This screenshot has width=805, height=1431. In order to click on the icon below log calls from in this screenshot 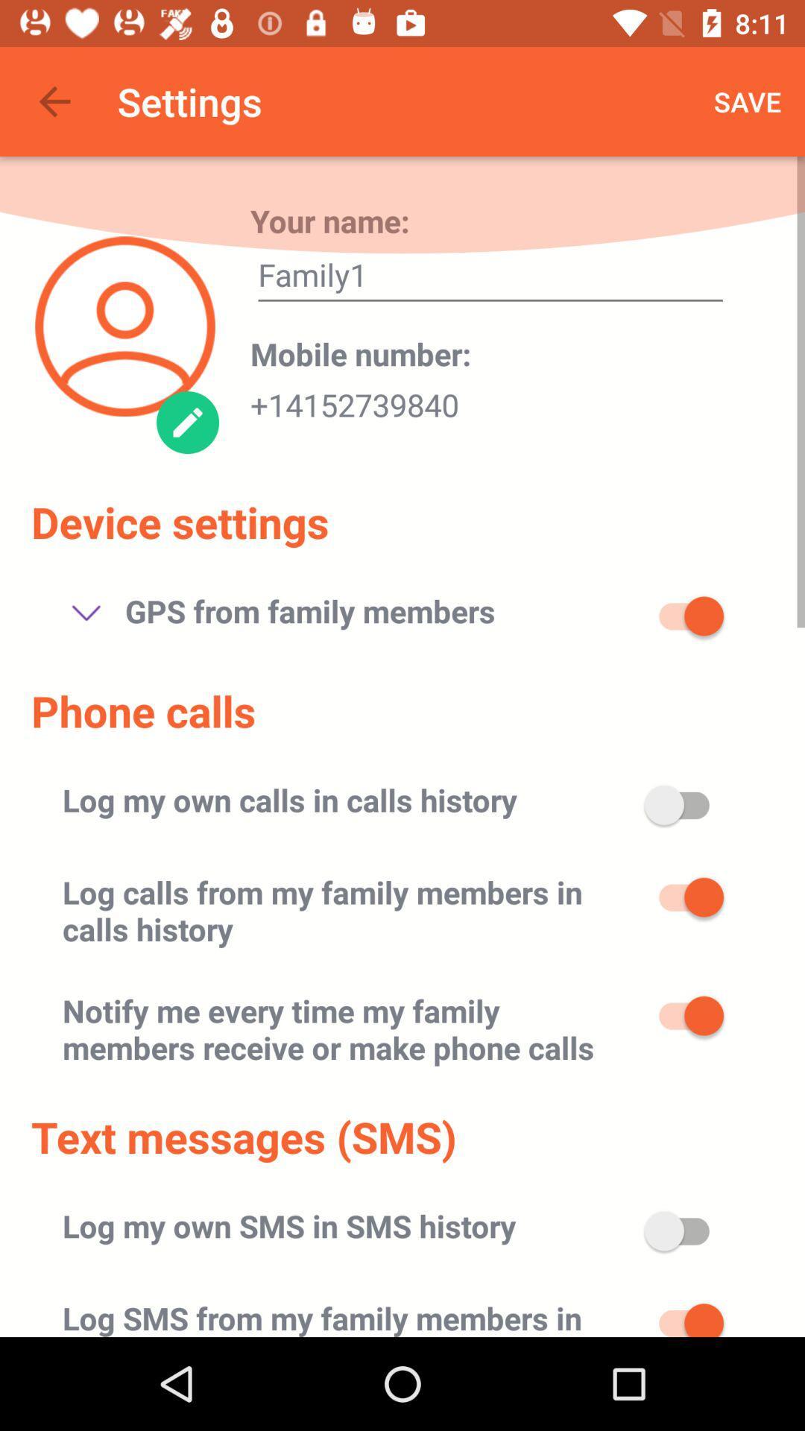, I will do `click(350, 1028)`.